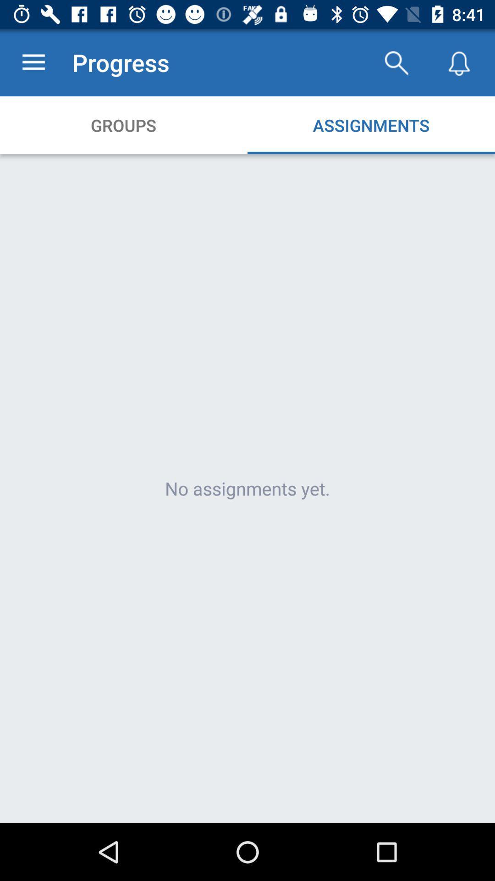 The width and height of the screenshot is (495, 881). I want to click on app next to progress item, so click(33, 62).